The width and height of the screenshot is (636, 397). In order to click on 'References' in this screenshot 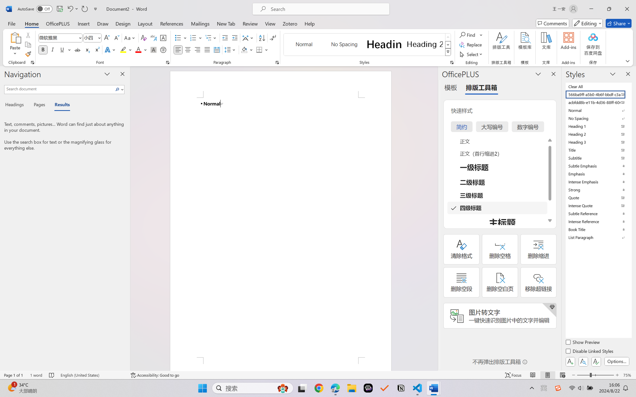, I will do `click(172, 23)`.